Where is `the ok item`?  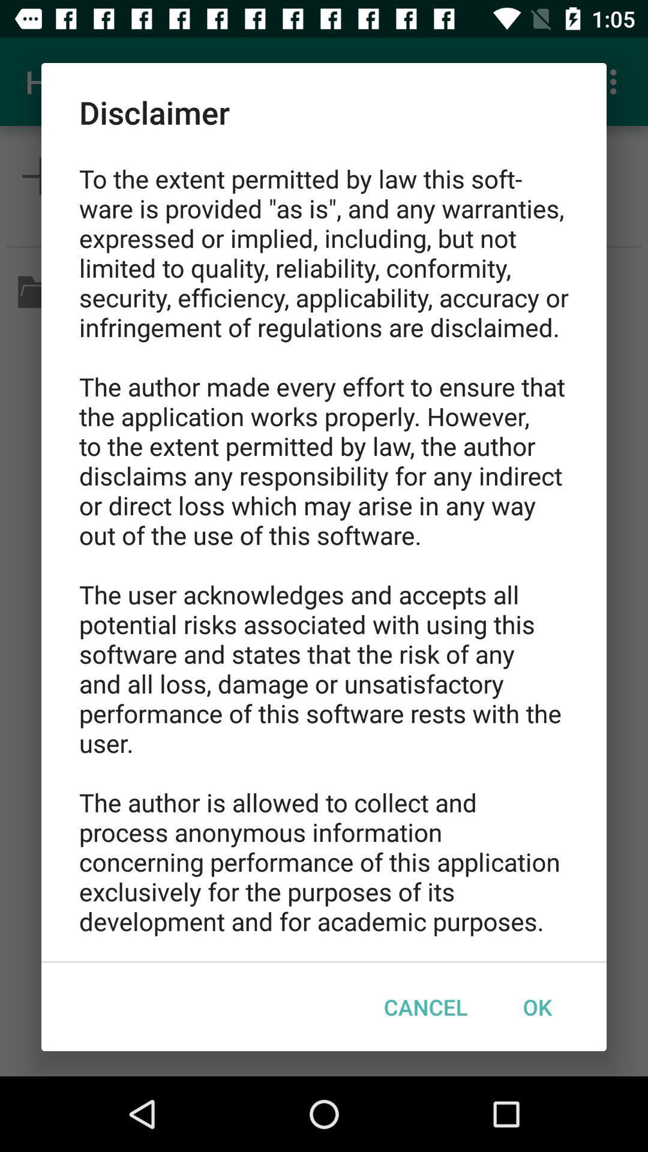 the ok item is located at coordinates (536, 1007).